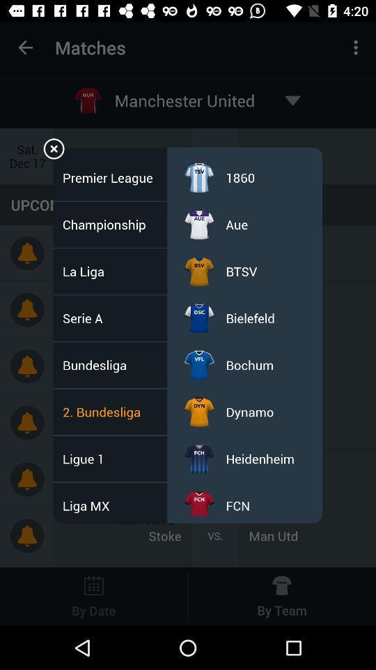  I want to click on the fcn, so click(237, 505).